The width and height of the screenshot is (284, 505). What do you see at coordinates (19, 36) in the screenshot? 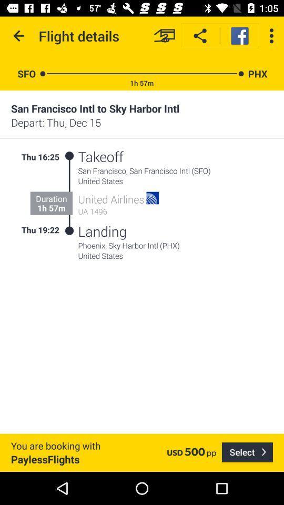
I see `item above the sfo` at bounding box center [19, 36].